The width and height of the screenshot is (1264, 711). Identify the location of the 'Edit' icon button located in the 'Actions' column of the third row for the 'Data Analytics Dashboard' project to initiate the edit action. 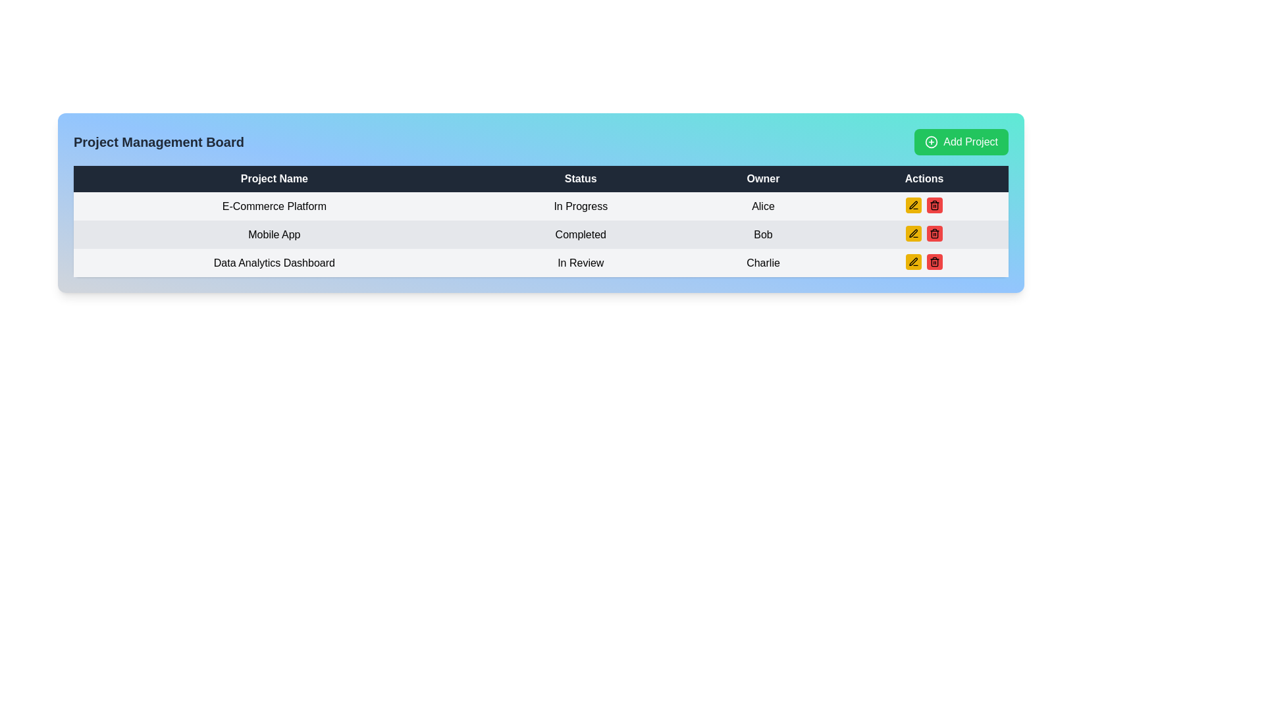
(912, 205).